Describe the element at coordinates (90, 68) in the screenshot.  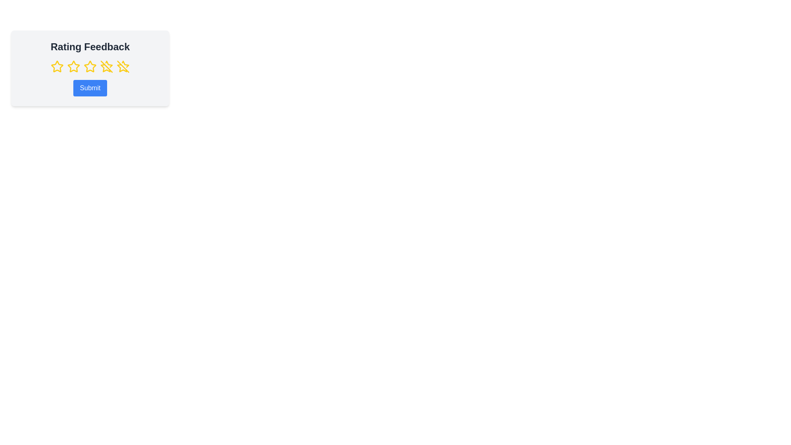
I see `one of the stars` at that location.